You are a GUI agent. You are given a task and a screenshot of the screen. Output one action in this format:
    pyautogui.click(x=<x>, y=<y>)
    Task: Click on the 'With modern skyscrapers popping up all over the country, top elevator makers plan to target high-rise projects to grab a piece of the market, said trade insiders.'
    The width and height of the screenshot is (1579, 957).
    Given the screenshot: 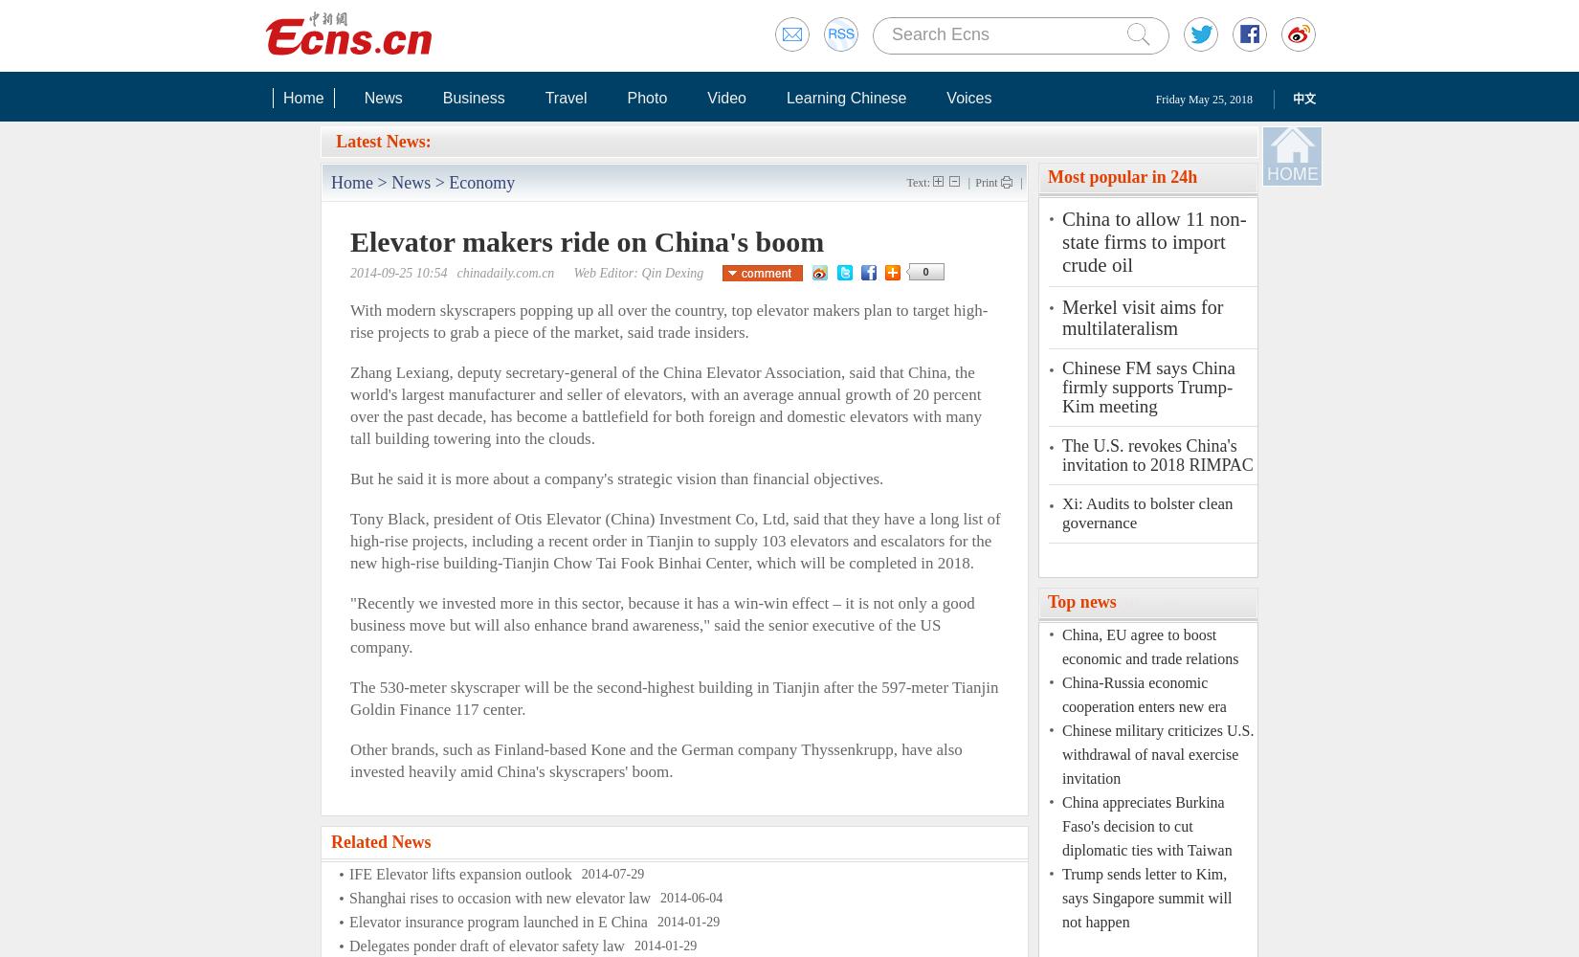 What is the action you would take?
    pyautogui.click(x=667, y=321)
    